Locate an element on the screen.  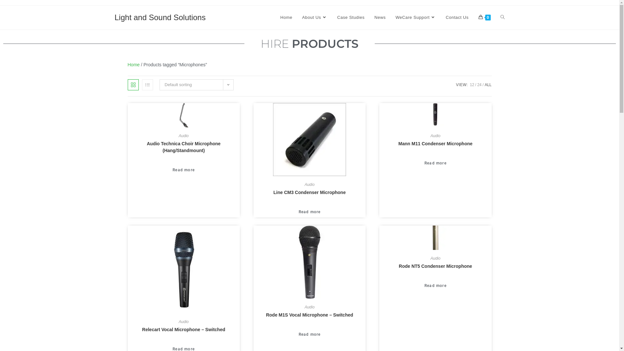
'0' is located at coordinates (485, 17).